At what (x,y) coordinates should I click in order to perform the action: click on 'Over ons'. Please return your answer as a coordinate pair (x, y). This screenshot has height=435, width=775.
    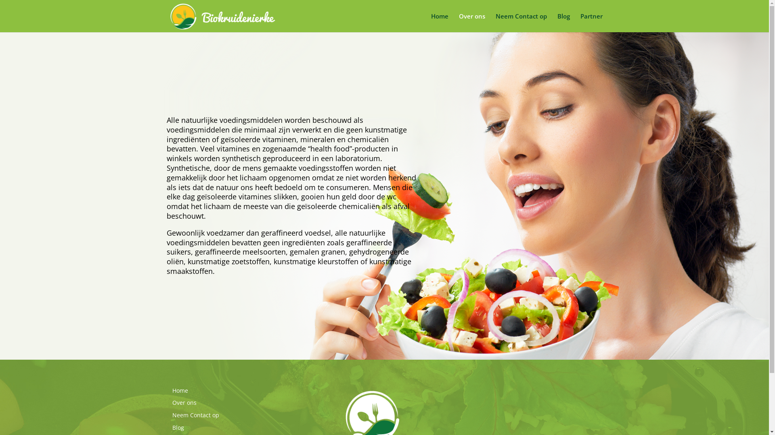
    Looking at the image, I should click on (184, 402).